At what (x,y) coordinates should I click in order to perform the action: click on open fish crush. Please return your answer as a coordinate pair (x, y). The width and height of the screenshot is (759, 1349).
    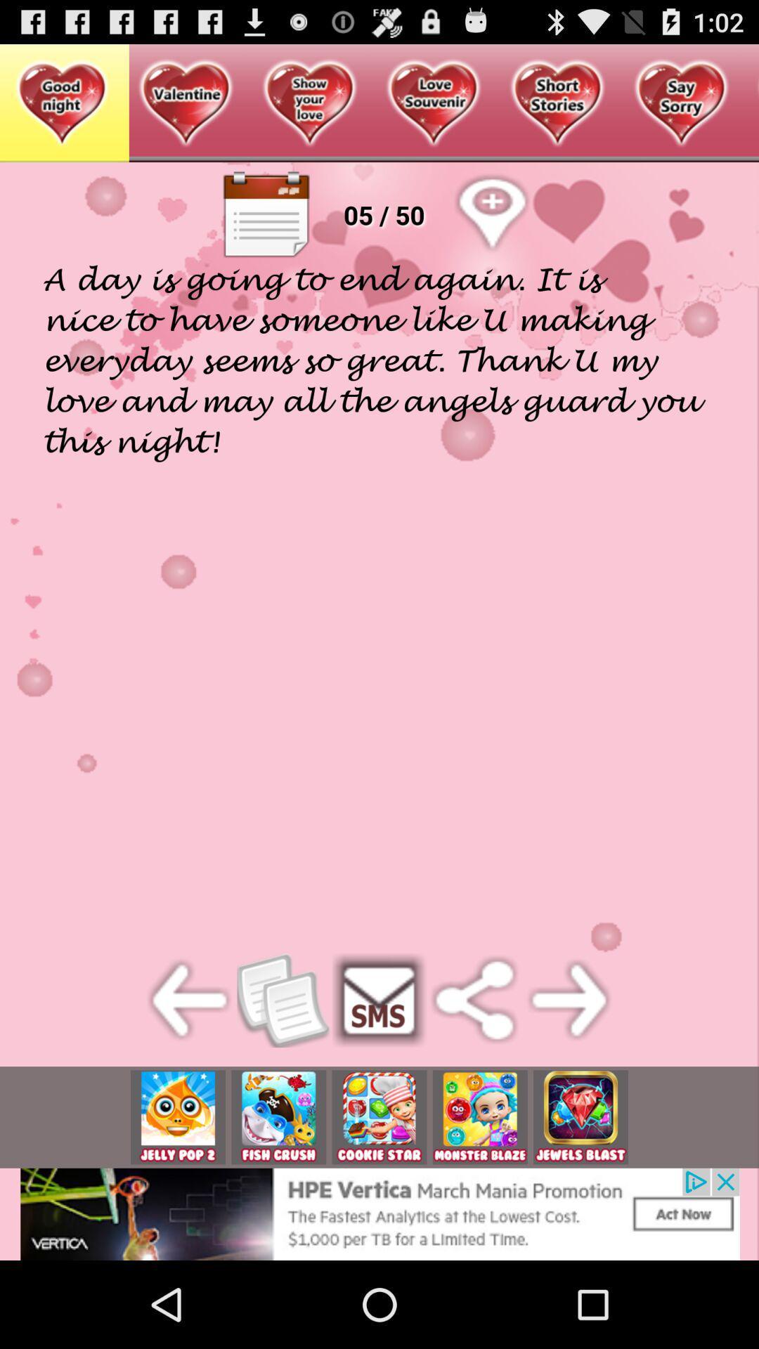
    Looking at the image, I should click on (278, 1116).